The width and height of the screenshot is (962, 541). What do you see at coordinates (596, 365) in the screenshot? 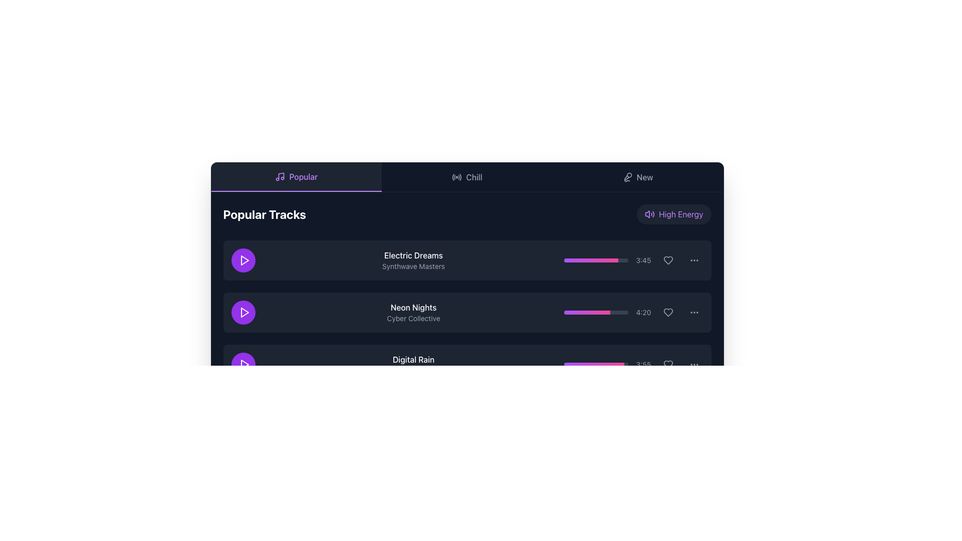
I see `the Progress Bar element for the track 'Digital Rain', which is the third entry in the list, located beneath the text 'Digital Rain' and adjacent to the time indicator '3:55'` at bounding box center [596, 365].